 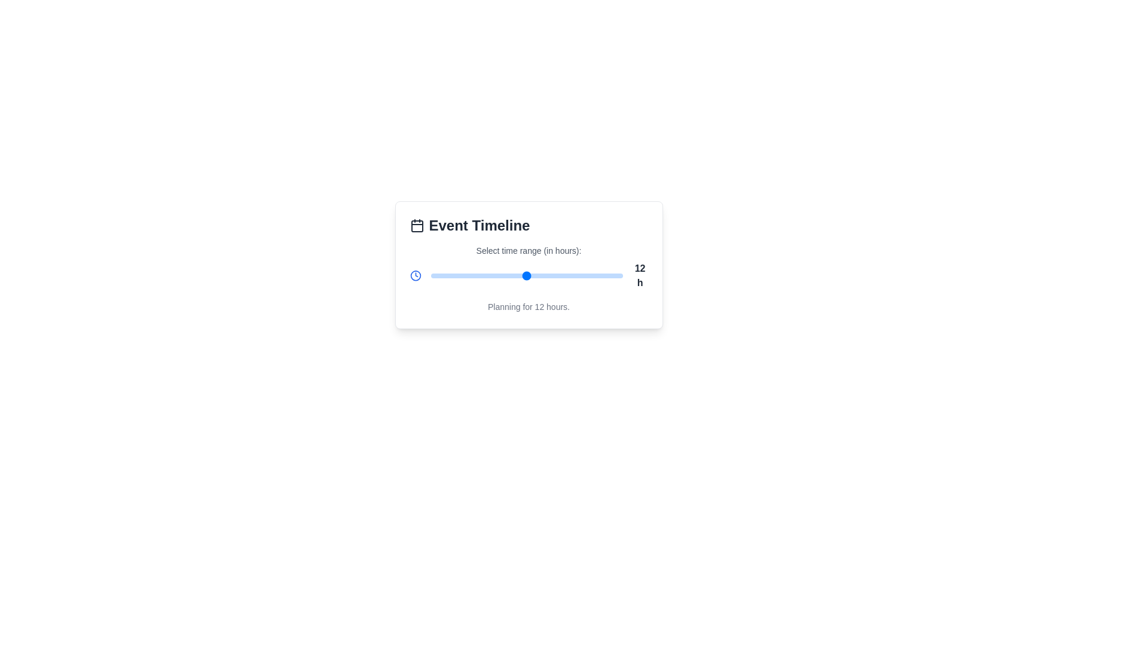 What do you see at coordinates (416, 276) in the screenshot?
I see `the clock-like icon with a circular outline and blue strokes, located to the left of the text '12 h', which serves as a visual indicator for time selection` at bounding box center [416, 276].